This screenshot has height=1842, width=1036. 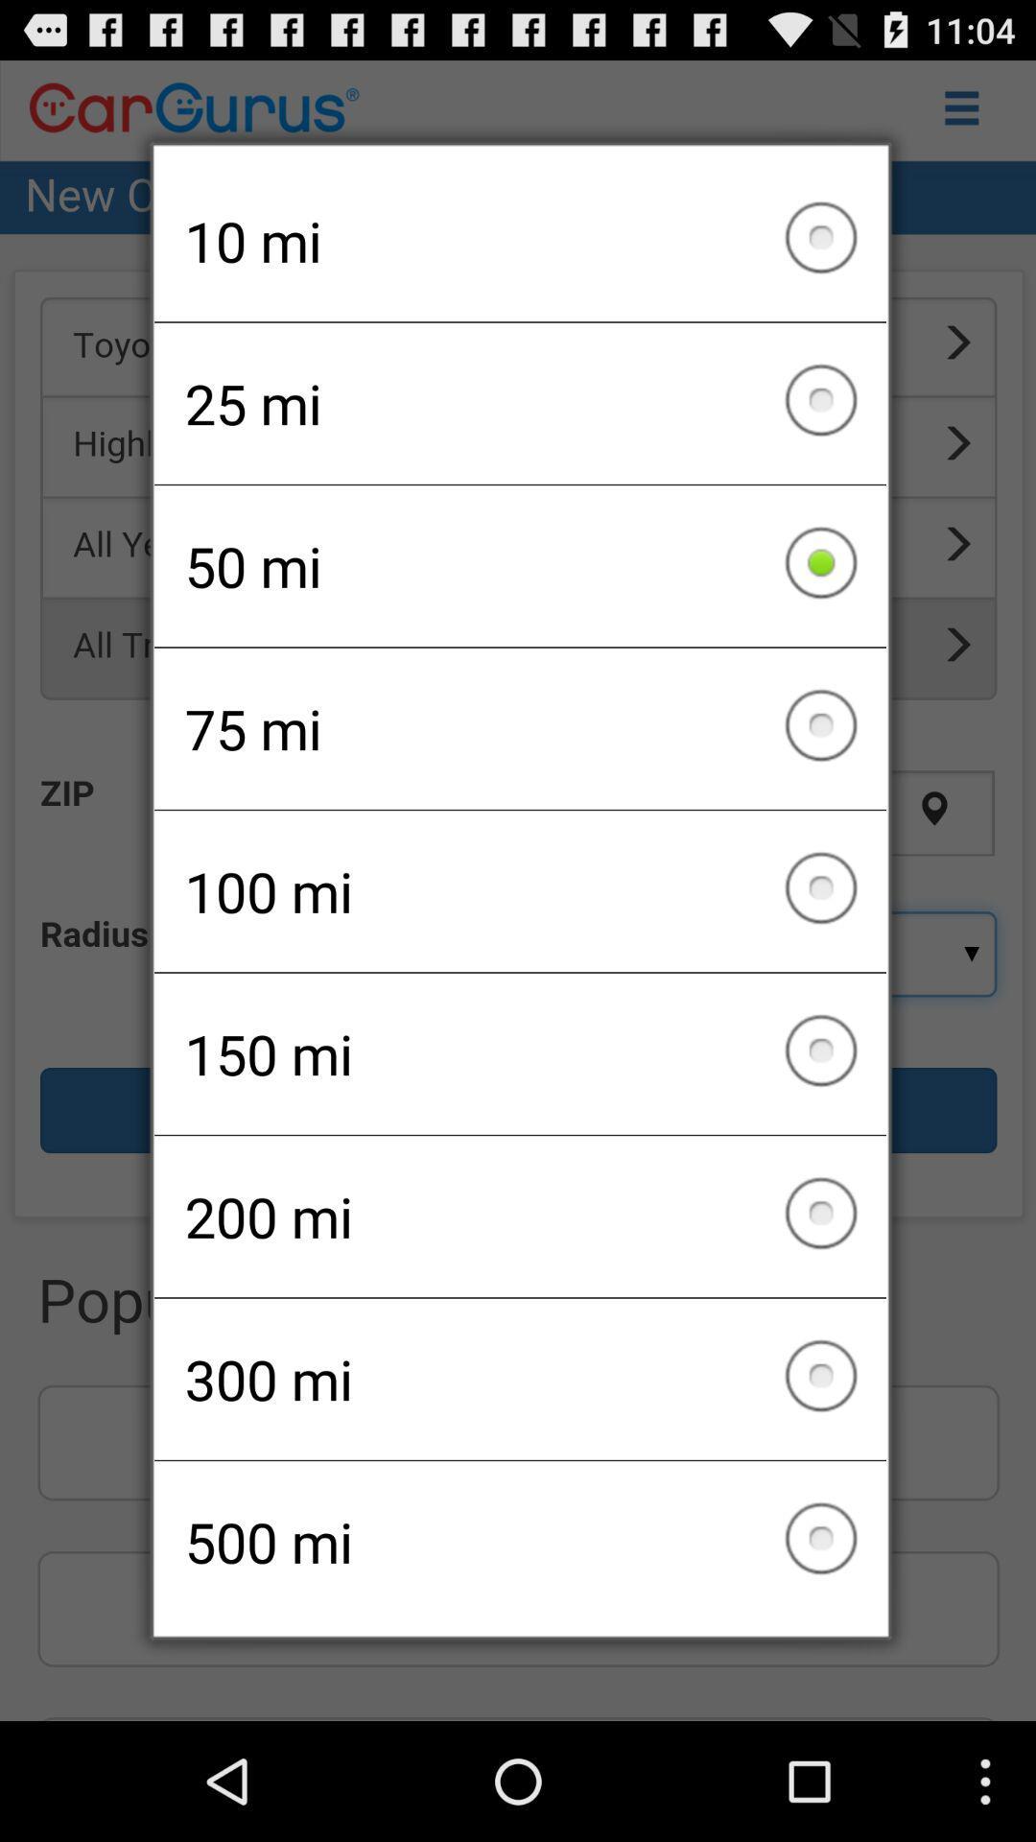 I want to click on 25 mi checkbox, so click(x=520, y=402).